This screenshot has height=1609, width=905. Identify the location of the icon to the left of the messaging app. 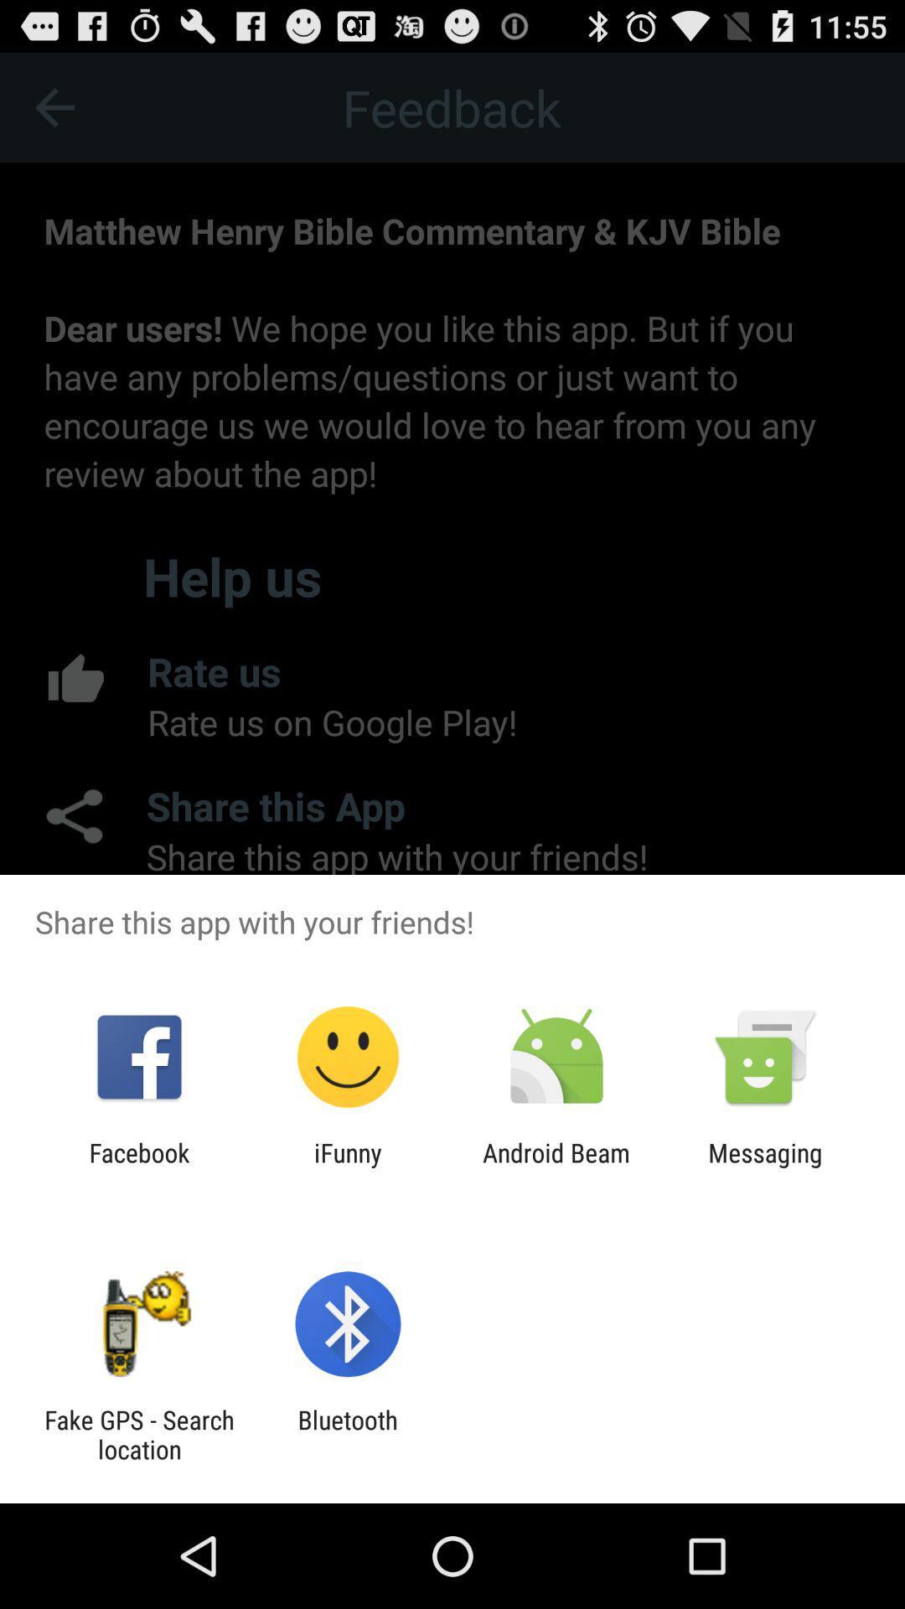
(556, 1167).